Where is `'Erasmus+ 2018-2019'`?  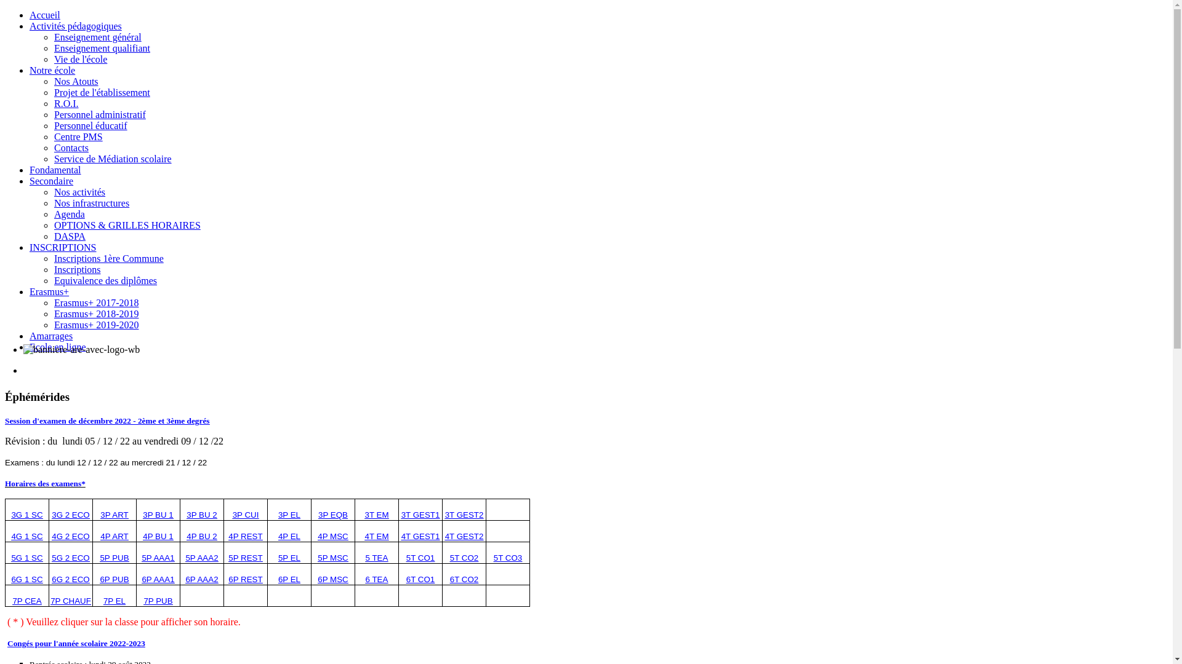
'Erasmus+ 2018-2019' is located at coordinates (95, 313).